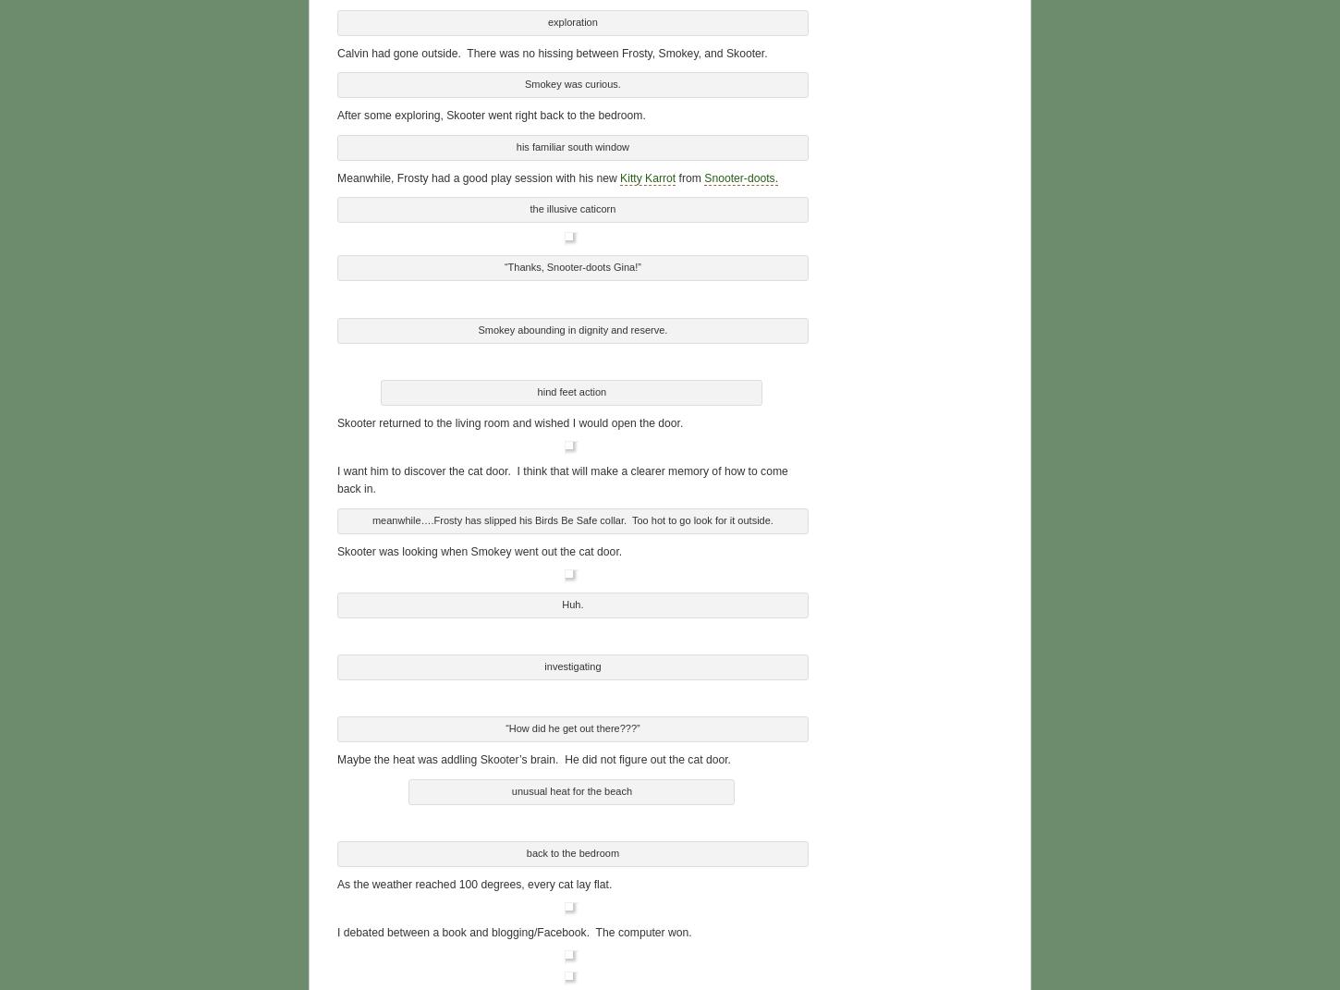 This screenshot has width=1340, height=990. What do you see at coordinates (689, 174) in the screenshot?
I see `'from'` at bounding box center [689, 174].